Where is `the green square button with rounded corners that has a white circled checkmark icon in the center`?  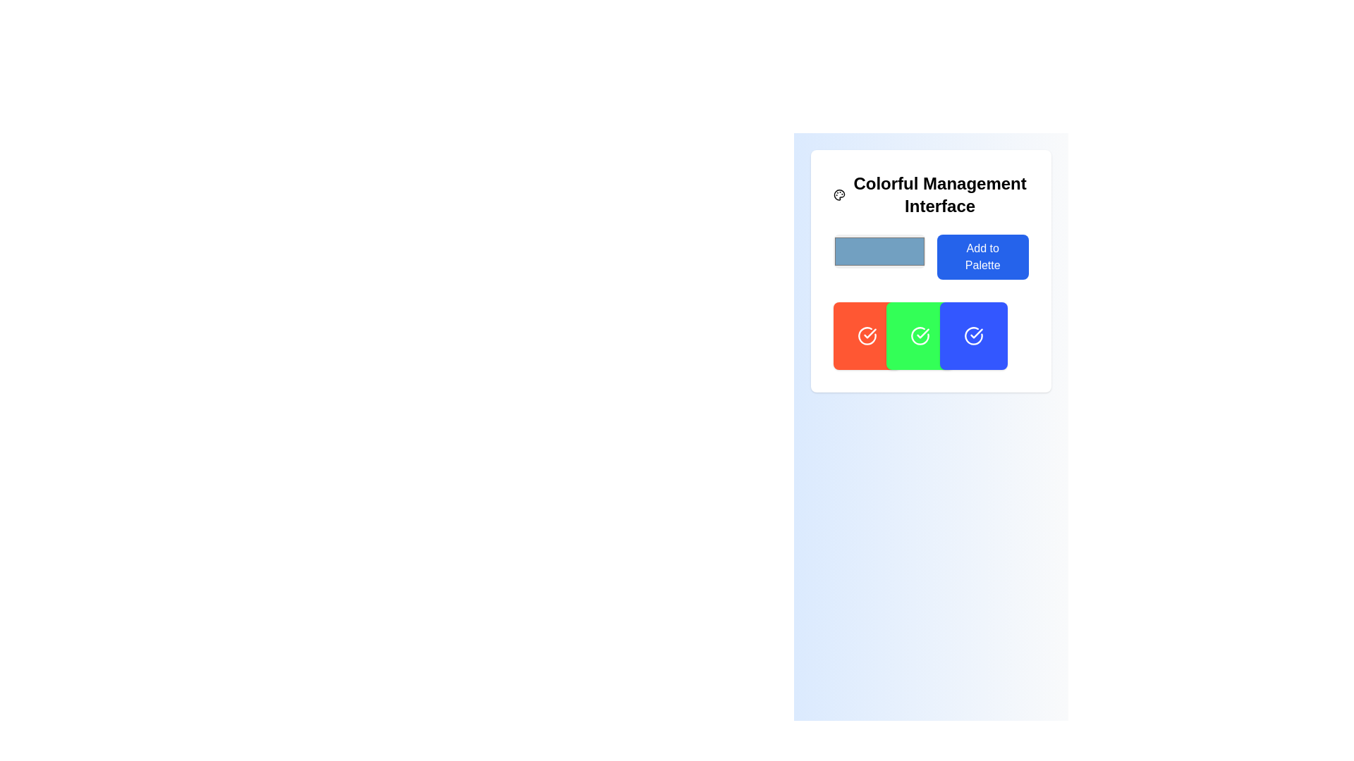 the green square button with rounded corners that has a white circled checkmark icon in the center is located at coordinates (920, 336).